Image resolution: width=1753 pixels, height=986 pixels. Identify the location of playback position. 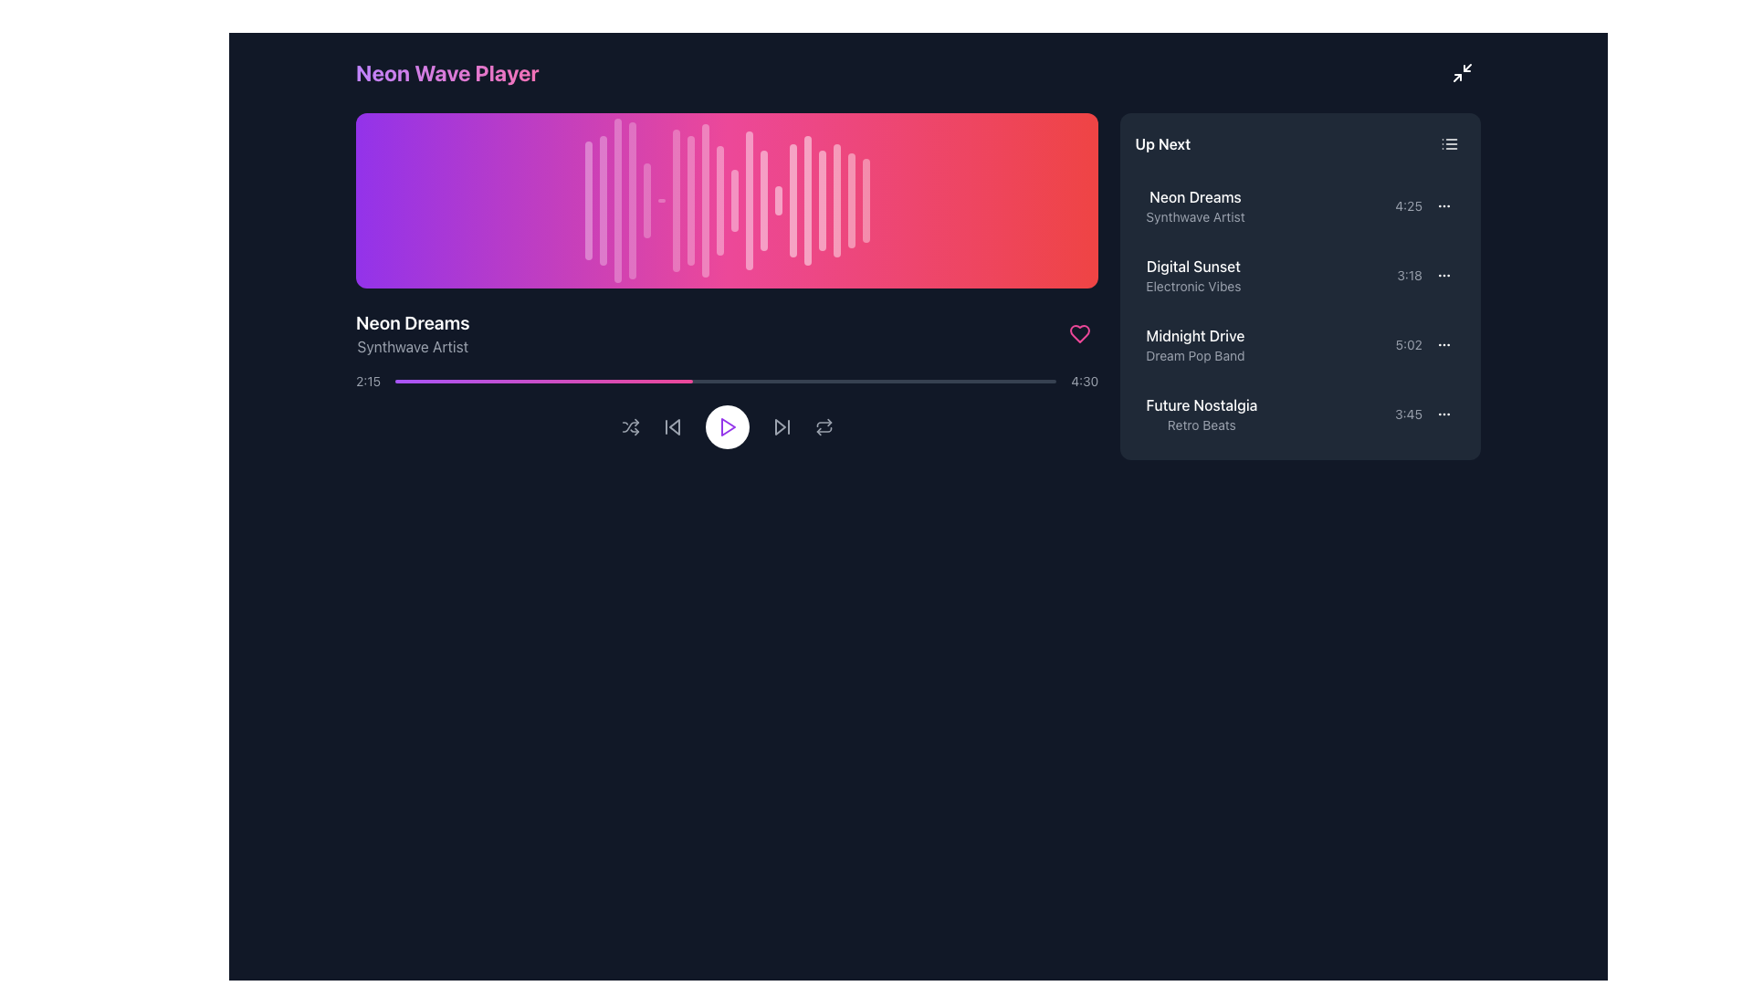
(678, 380).